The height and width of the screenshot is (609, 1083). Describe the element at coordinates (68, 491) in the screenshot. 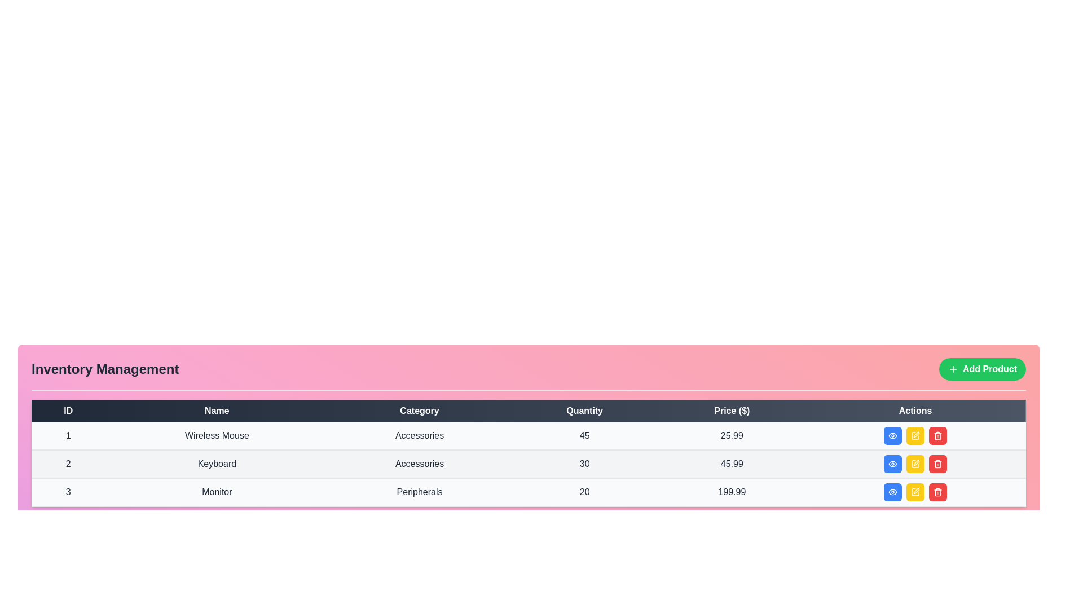

I see `text content of the label displaying the number '3' located in the third row and first column of the table` at that location.